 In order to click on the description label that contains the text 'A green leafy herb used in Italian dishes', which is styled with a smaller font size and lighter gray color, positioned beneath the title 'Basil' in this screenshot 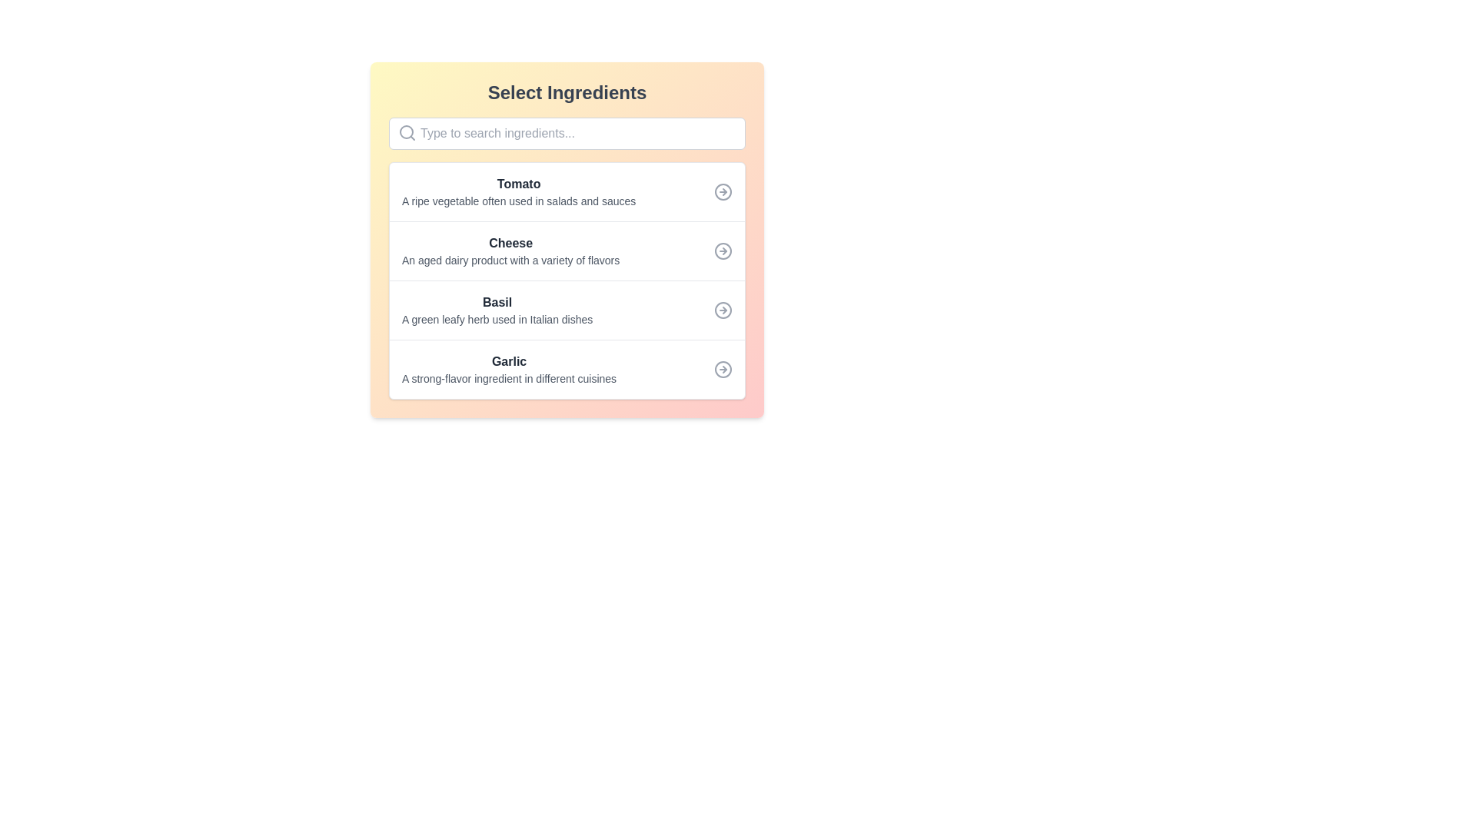, I will do `click(497, 319)`.